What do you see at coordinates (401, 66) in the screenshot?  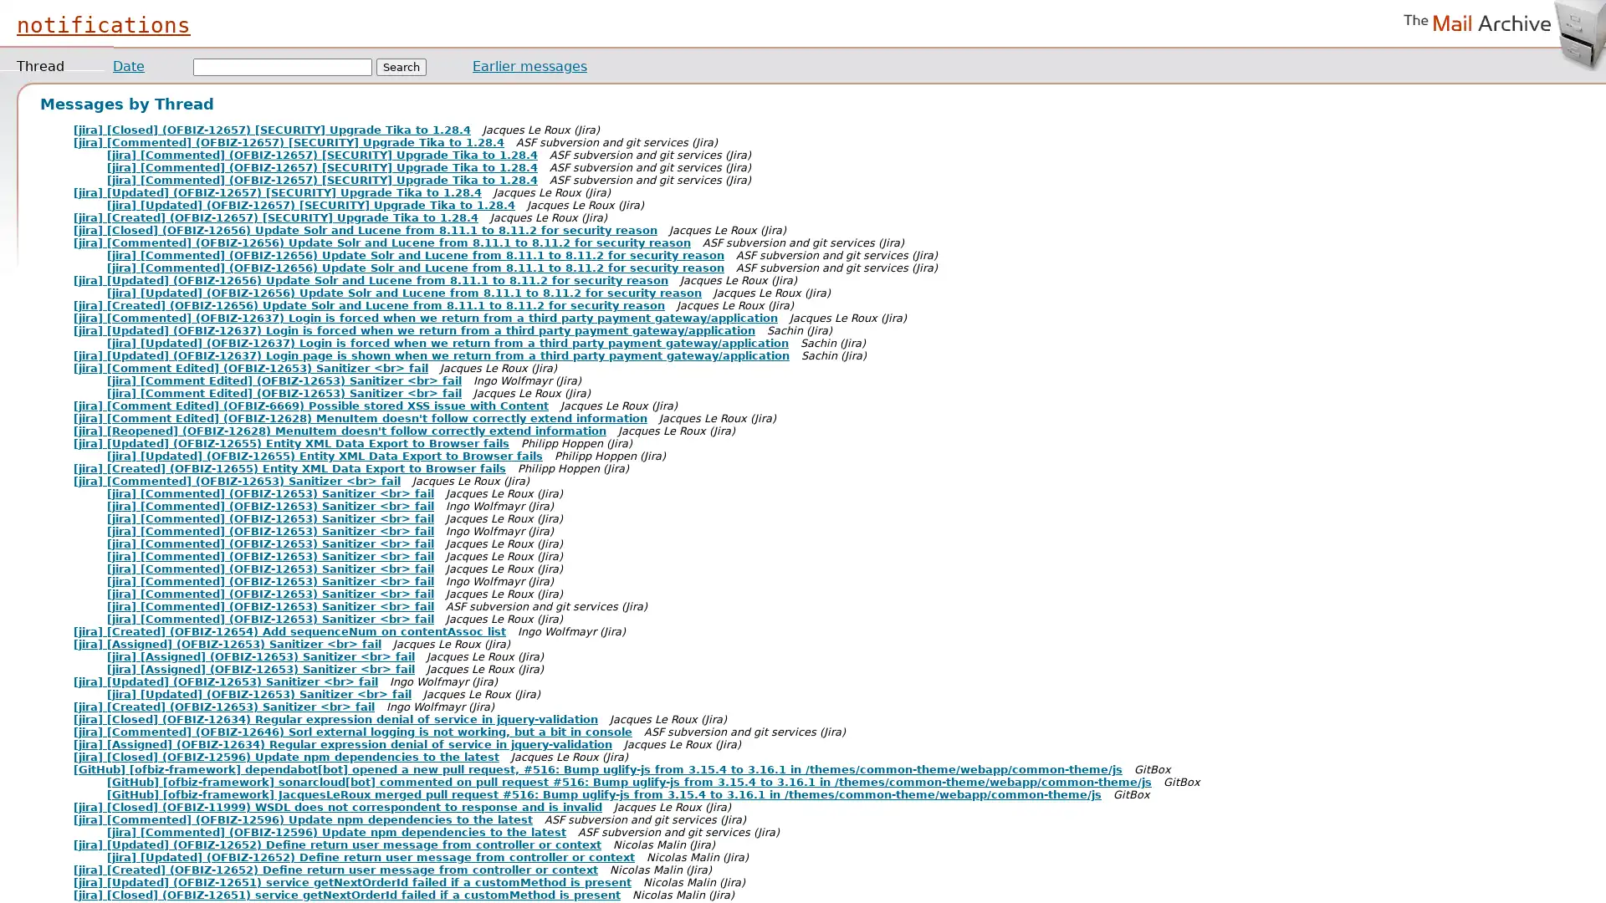 I see `Search` at bounding box center [401, 66].